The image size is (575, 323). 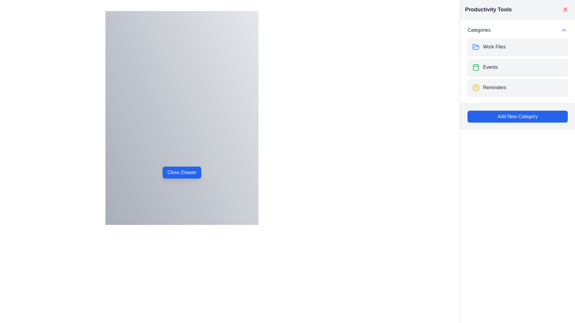 What do you see at coordinates (475, 46) in the screenshot?
I see `the blue outlined open folder icon in the 'Work Files' category section to trigger the tooltip` at bounding box center [475, 46].